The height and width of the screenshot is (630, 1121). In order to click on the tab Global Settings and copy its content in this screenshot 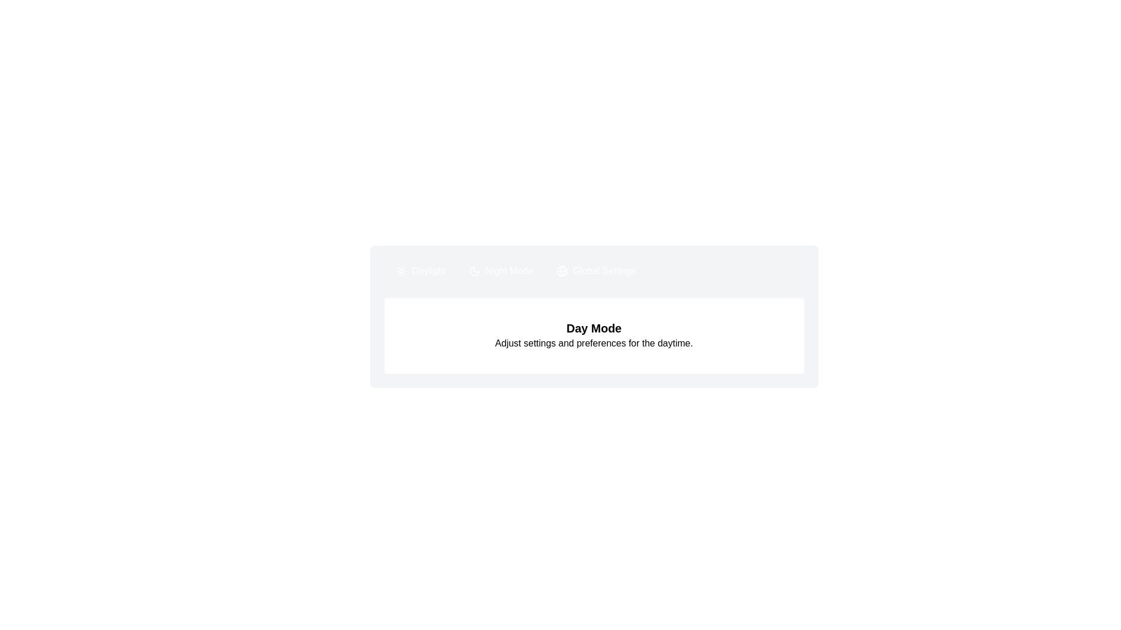, I will do `click(596, 271)`.